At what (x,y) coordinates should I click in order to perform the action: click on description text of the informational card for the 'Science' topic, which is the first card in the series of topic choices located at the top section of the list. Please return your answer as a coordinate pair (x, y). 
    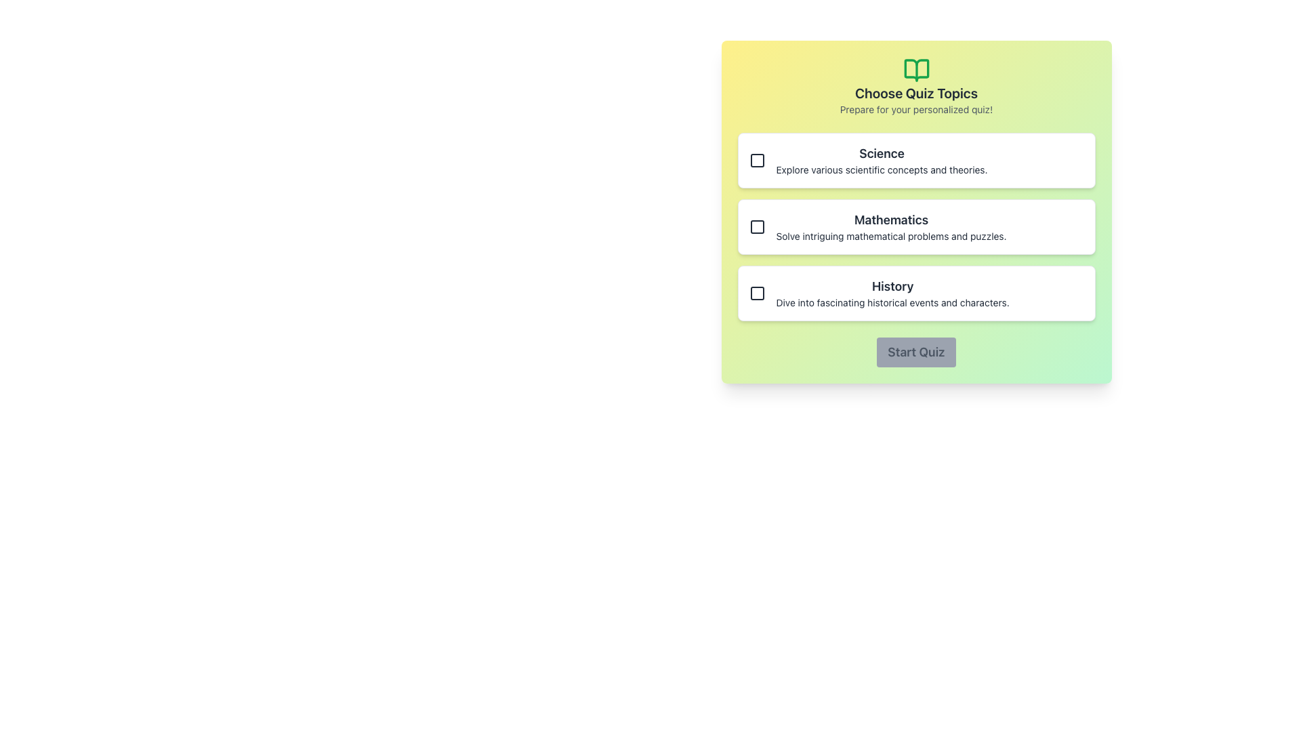
    Looking at the image, I should click on (882, 159).